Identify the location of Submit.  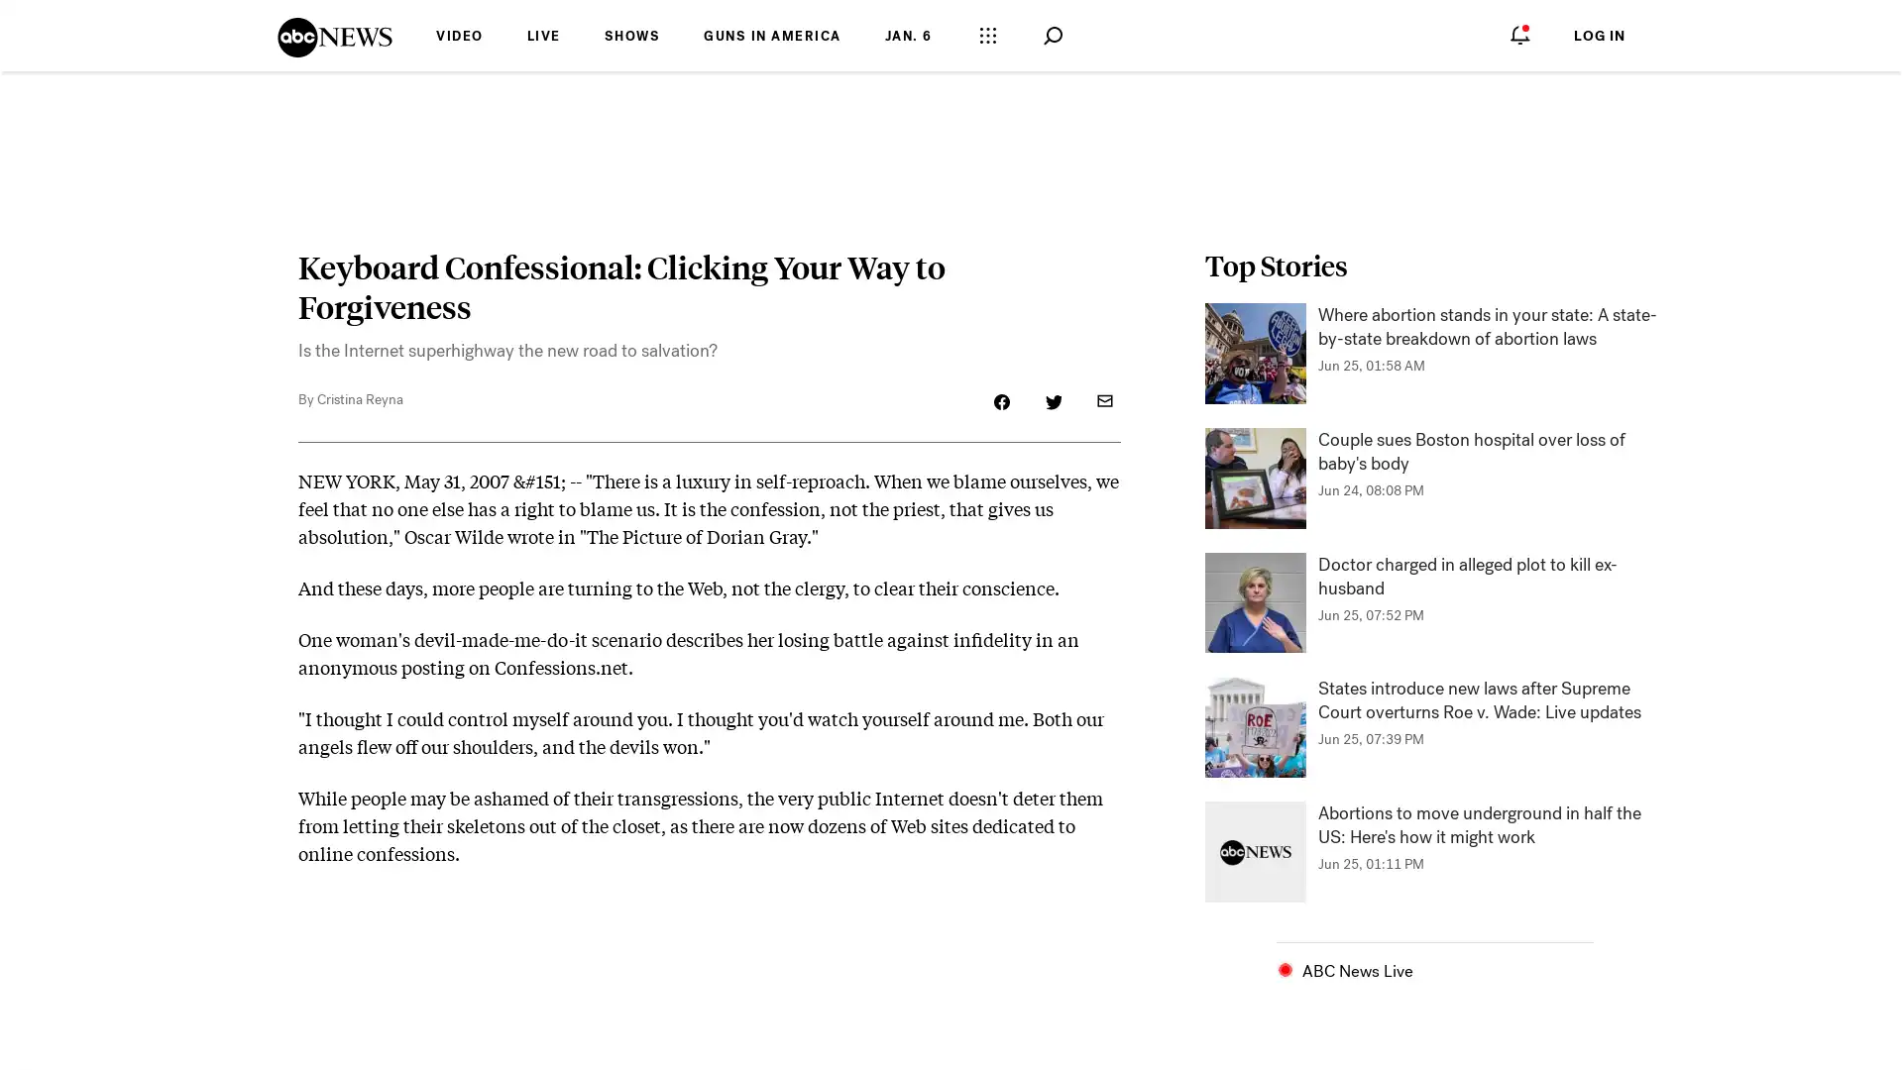
(1084, 35).